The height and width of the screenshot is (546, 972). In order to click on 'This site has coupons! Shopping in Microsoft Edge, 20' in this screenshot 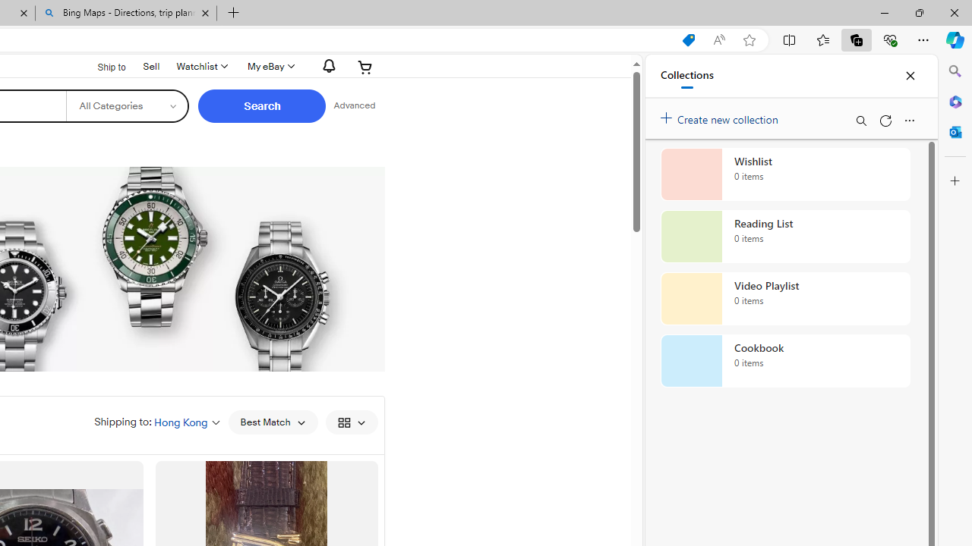, I will do `click(687, 39)`.